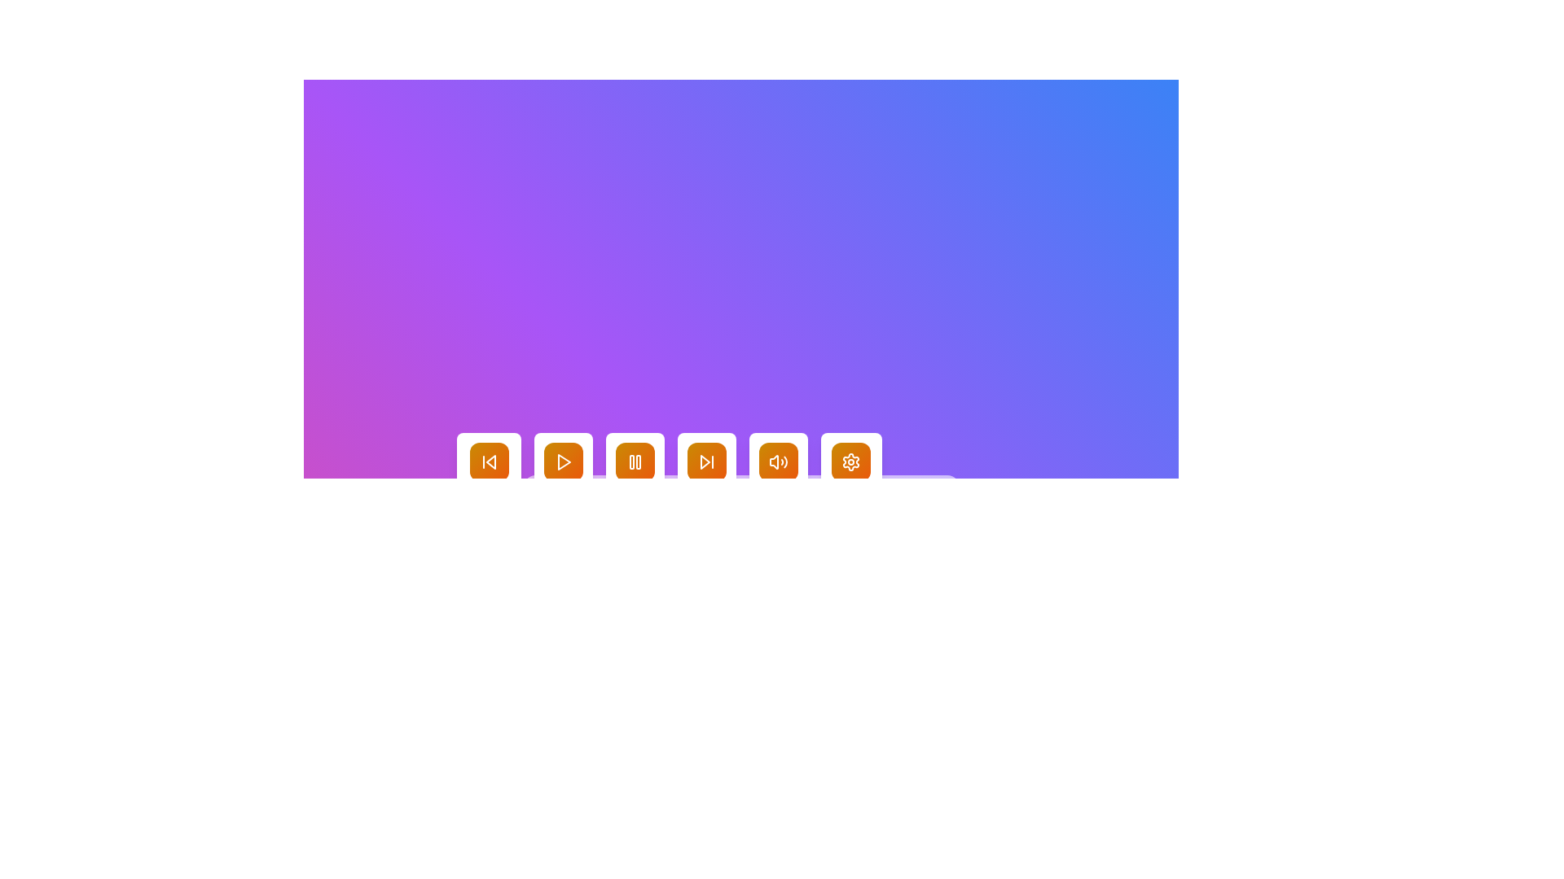 This screenshot has width=1564, height=879. I want to click on the 'Settings' button, which is a rounded rectangular button with a gradient orange-to-yellow background and a white gear icon, to trigger a visual effect, so click(850, 474).